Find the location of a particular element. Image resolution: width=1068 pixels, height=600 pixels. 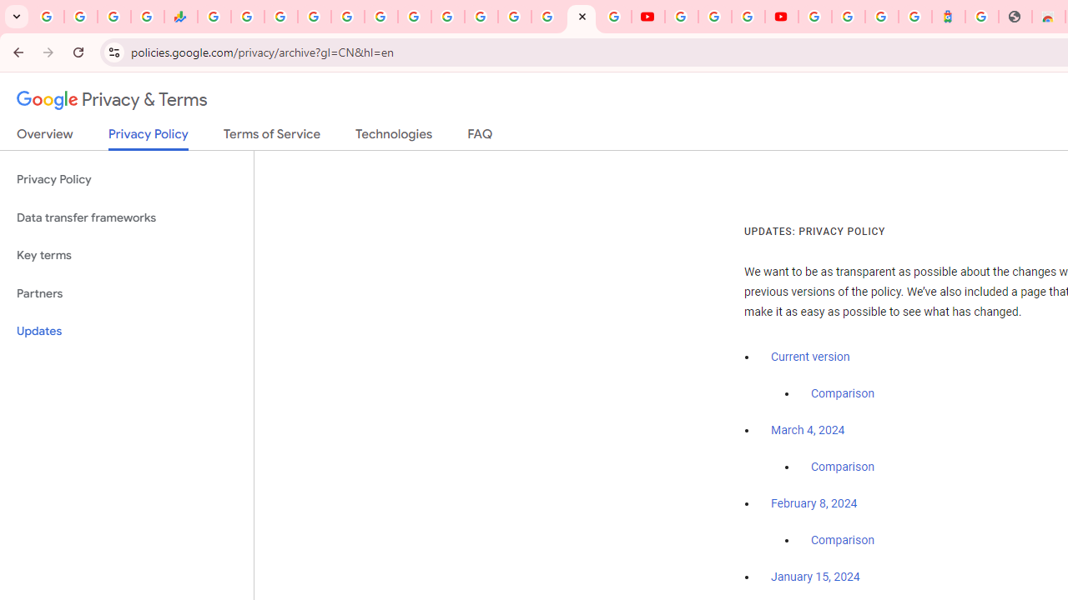

'February 8, 2024' is located at coordinates (814, 503).